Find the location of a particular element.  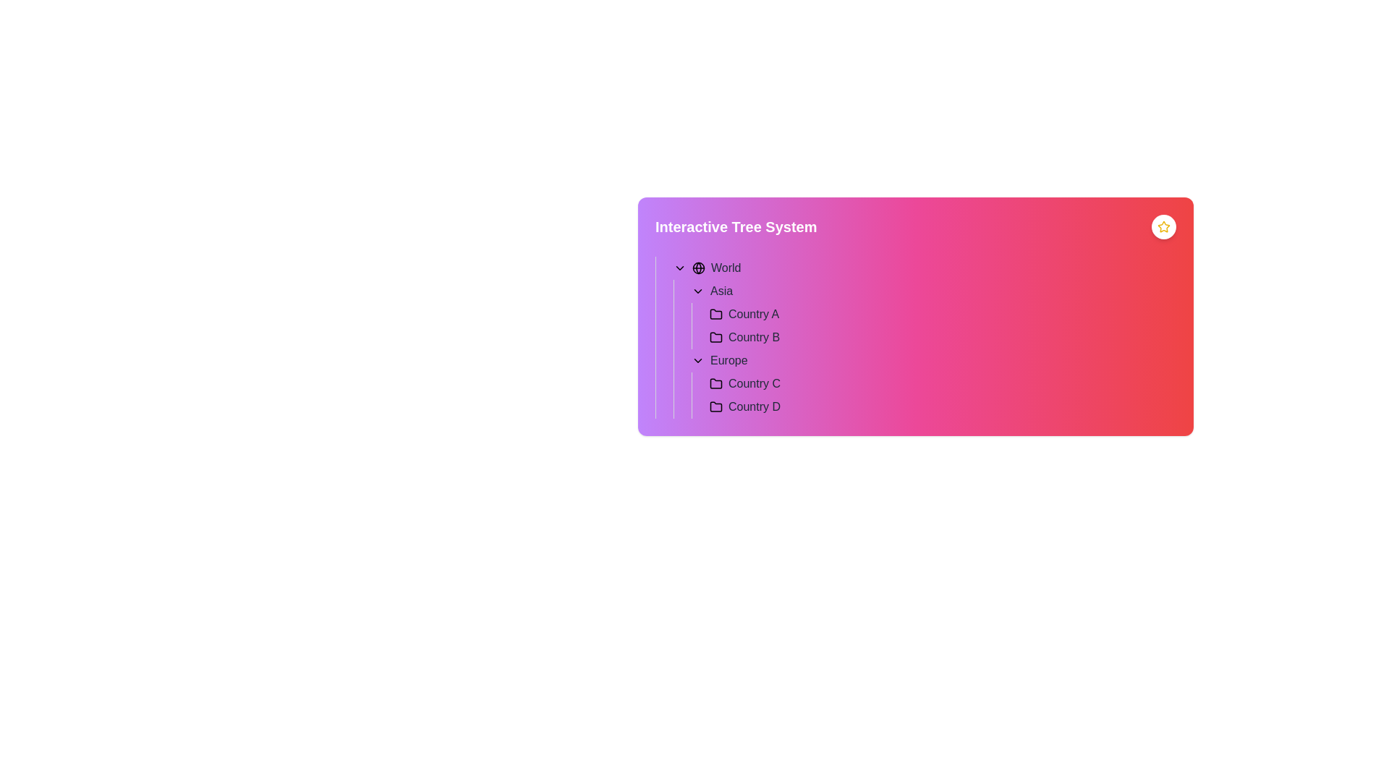

text displayed in the 'Country A' text label, which is styled with a medium-weight font and gray color, located within the 'Asia' group of the World hierarchy is located at coordinates (753, 314).